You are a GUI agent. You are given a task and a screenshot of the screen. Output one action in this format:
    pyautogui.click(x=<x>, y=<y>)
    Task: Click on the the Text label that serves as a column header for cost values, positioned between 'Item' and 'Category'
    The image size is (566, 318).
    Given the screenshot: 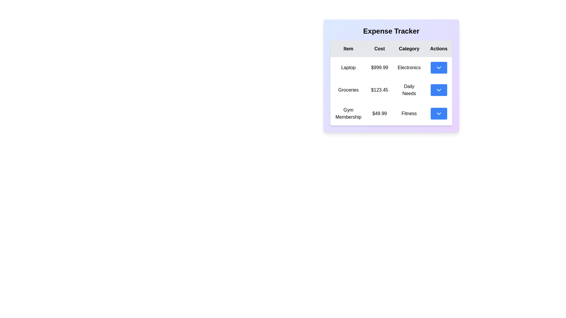 What is the action you would take?
    pyautogui.click(x=379, y=48)
    